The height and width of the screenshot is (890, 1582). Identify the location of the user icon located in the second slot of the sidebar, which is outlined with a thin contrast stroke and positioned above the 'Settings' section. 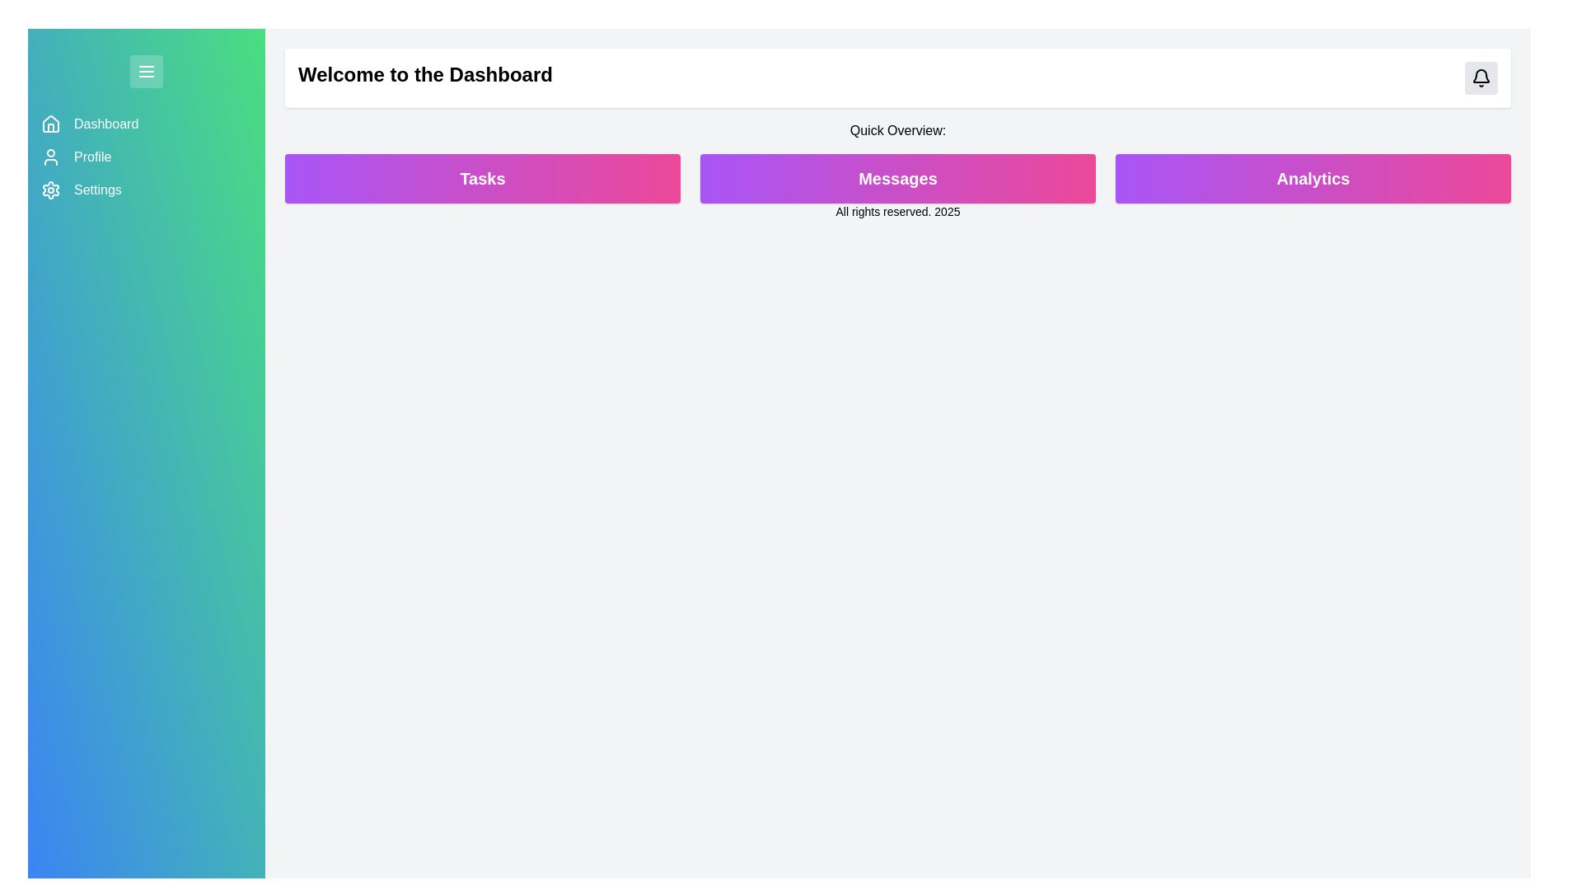
(51, 157).